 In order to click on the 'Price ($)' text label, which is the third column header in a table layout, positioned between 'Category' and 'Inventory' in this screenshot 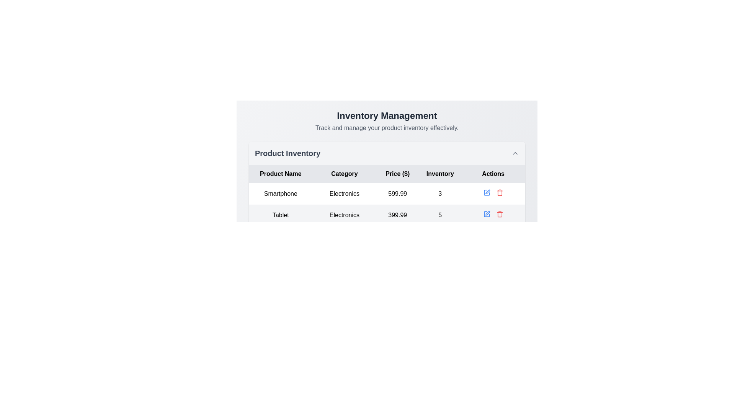, I will do `click(397, 174)`.